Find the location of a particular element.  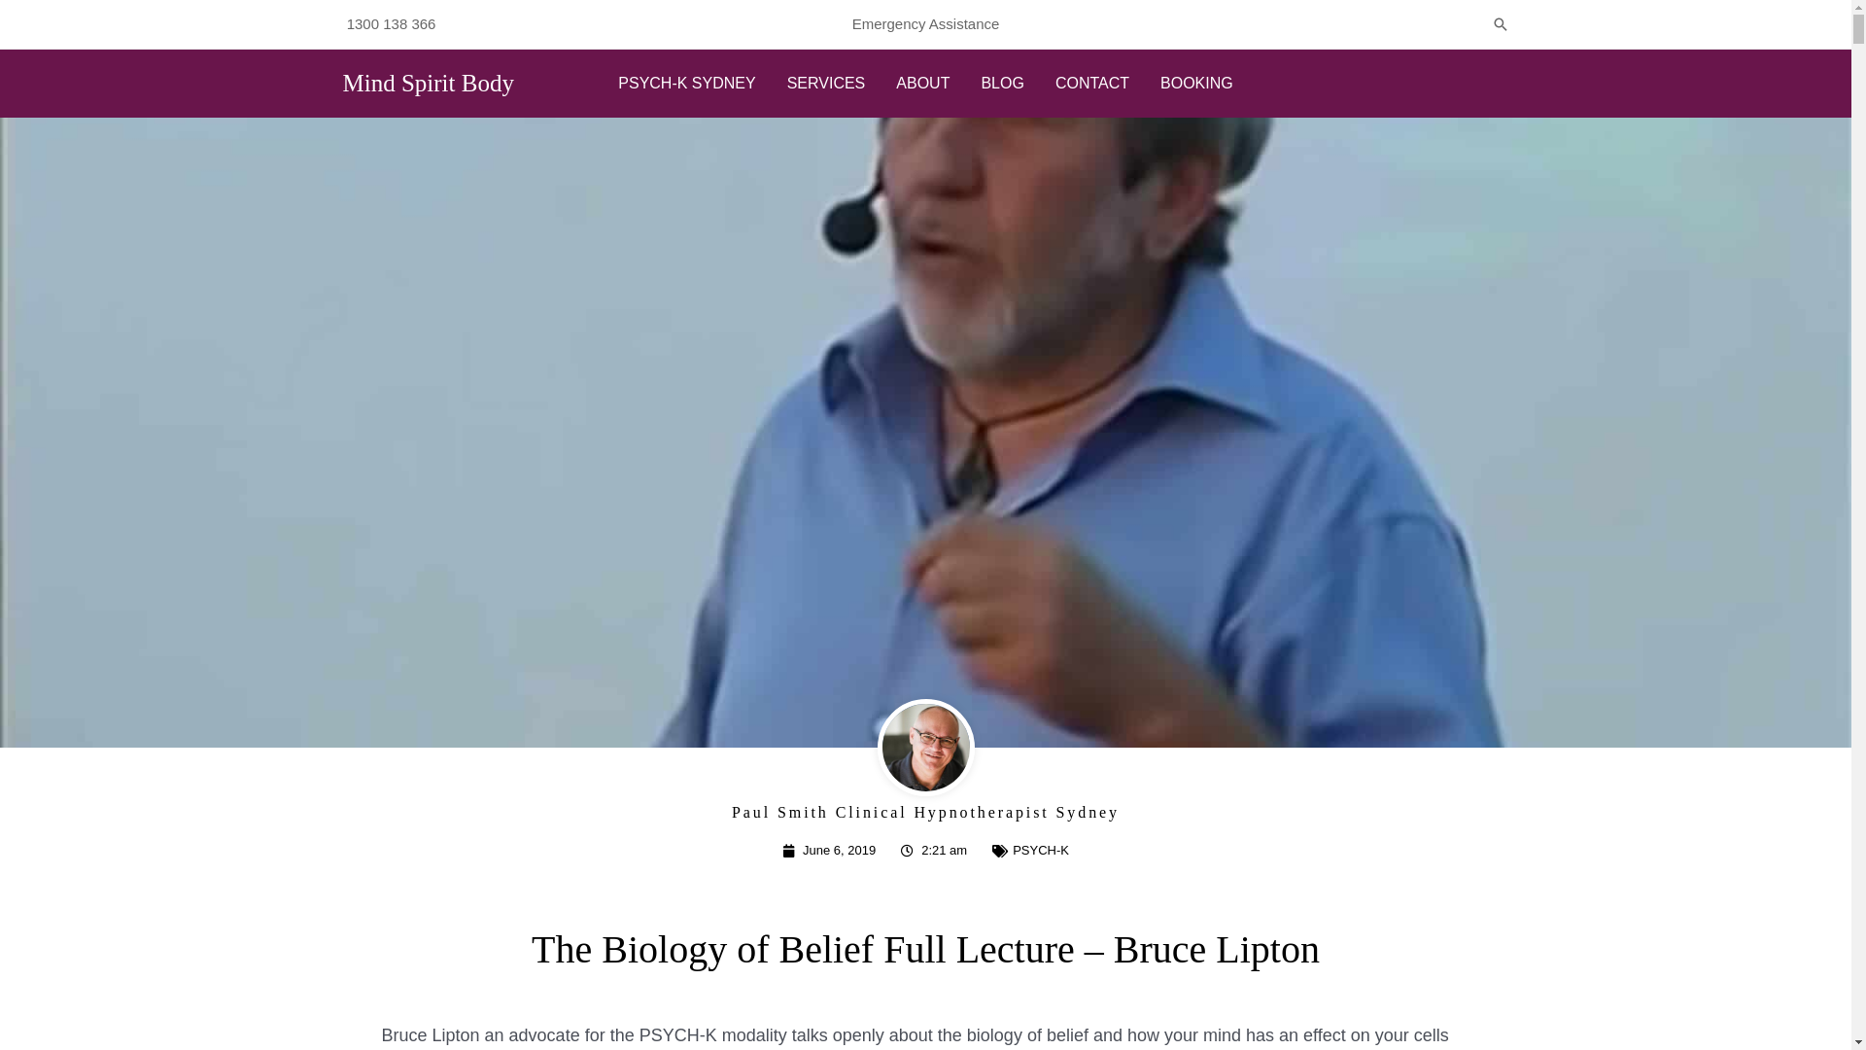

'PSYCH-K' is located at coordinates (1039, 849).